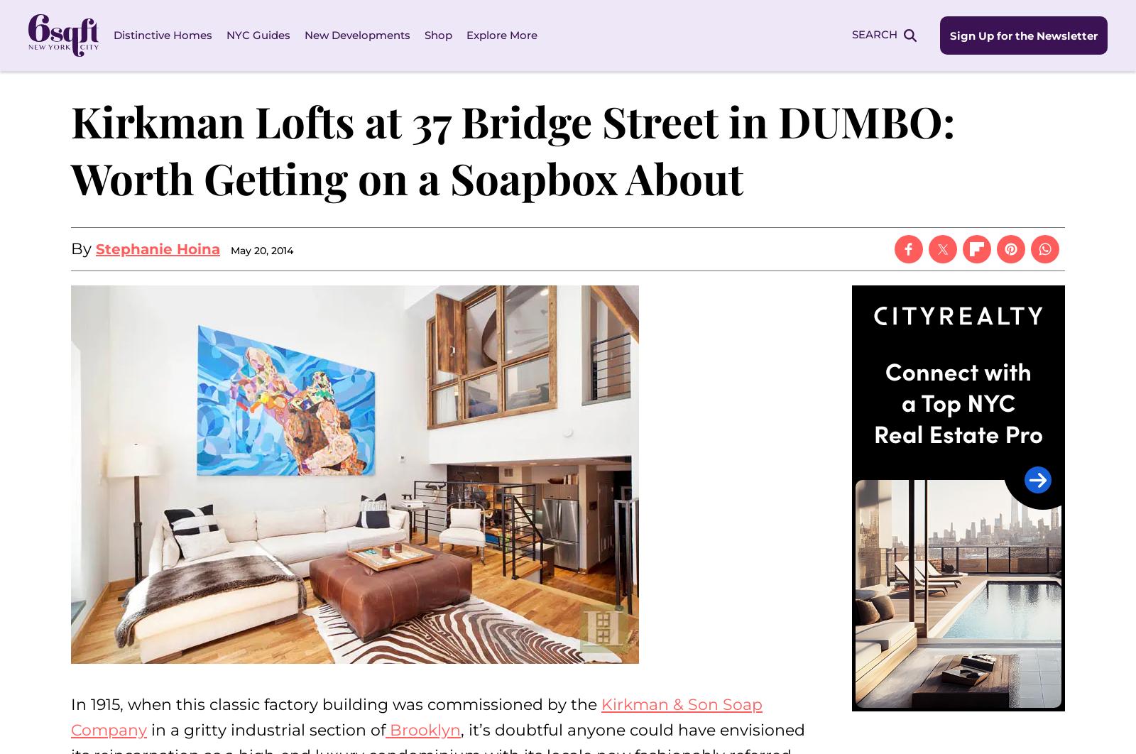 The width and height of the screenshot is (1136, 754). What do you see at coordinates (502, 35) in the screenshot?
I see `'Explore More'` at bounding box center [502, 35].